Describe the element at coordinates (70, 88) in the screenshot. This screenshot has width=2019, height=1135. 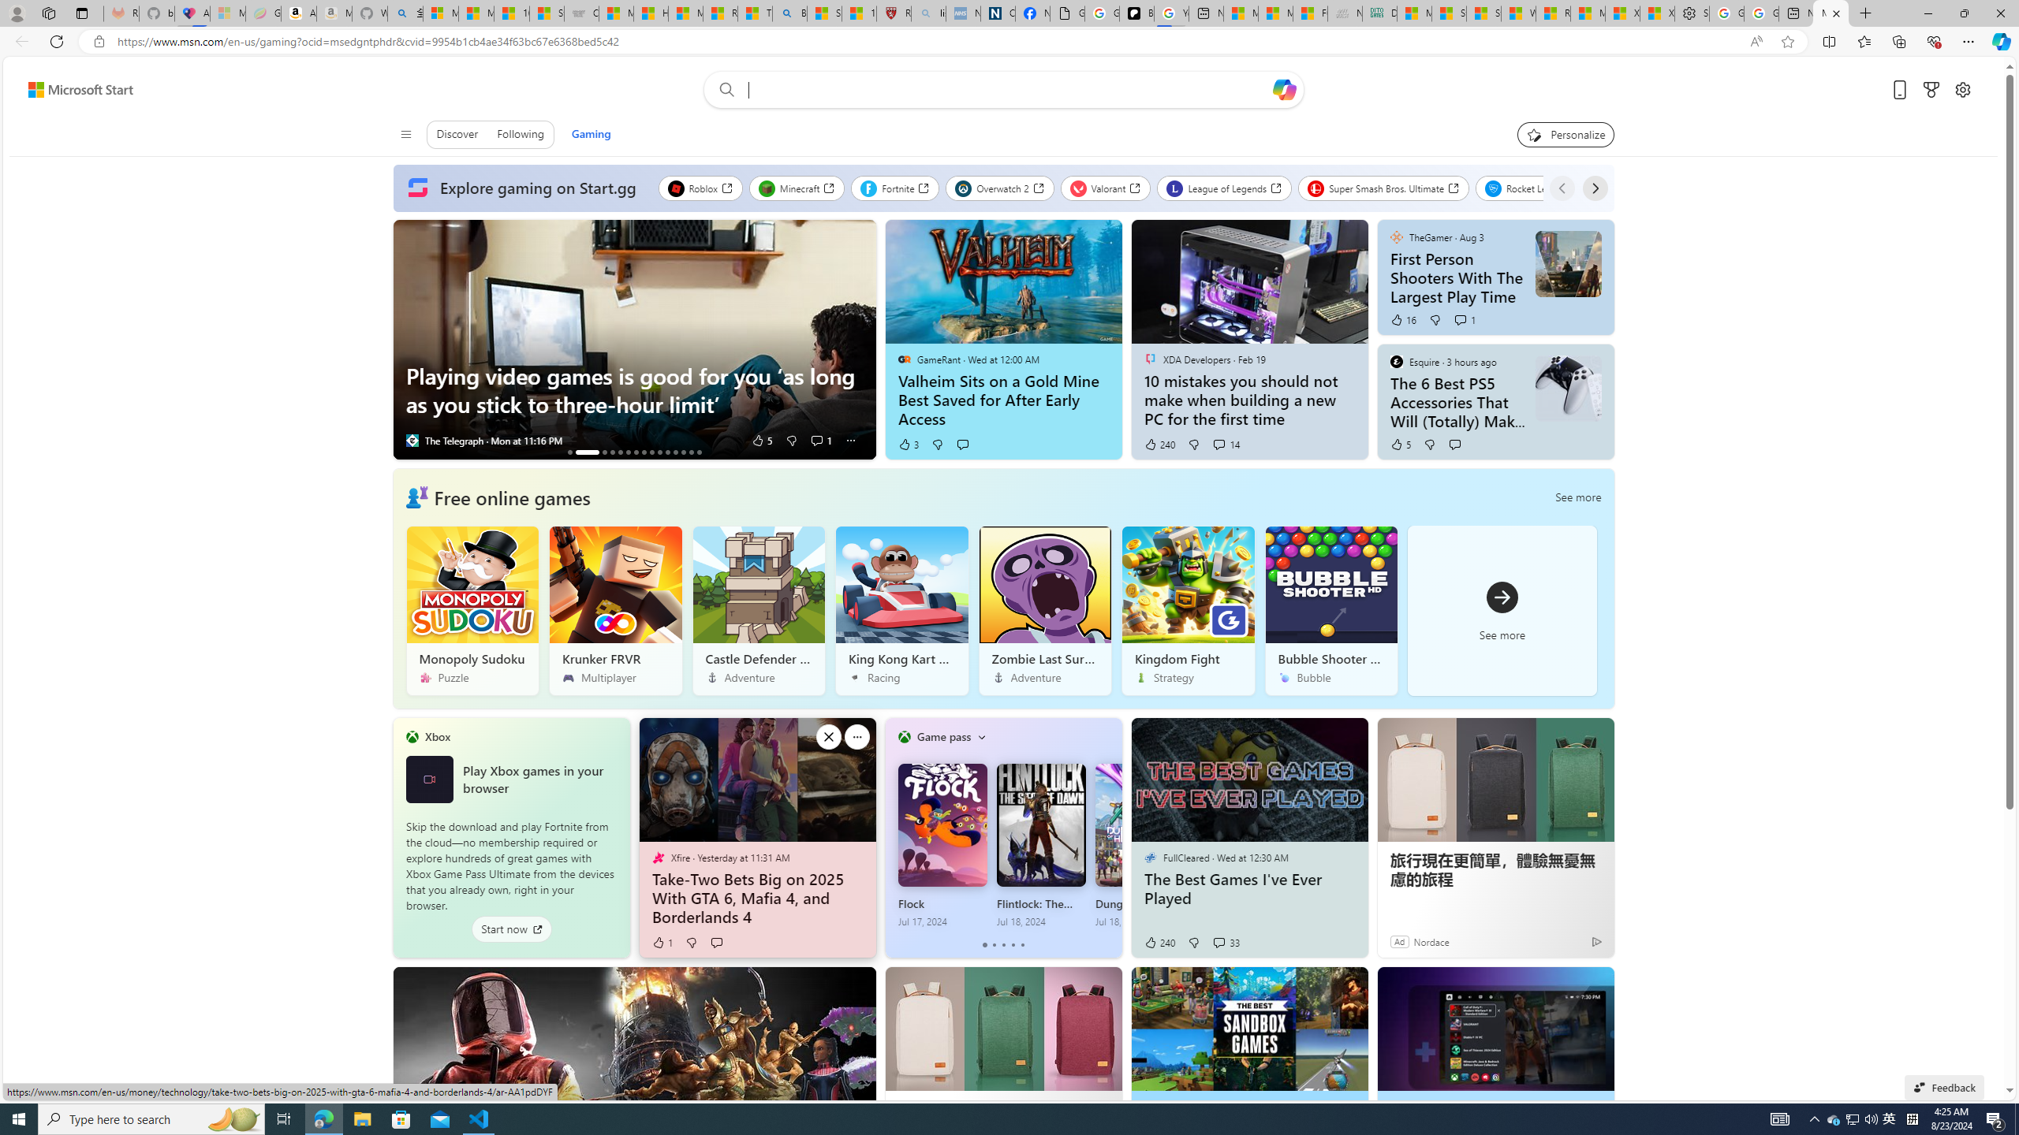
I see `'Skip to footer'` at that location.